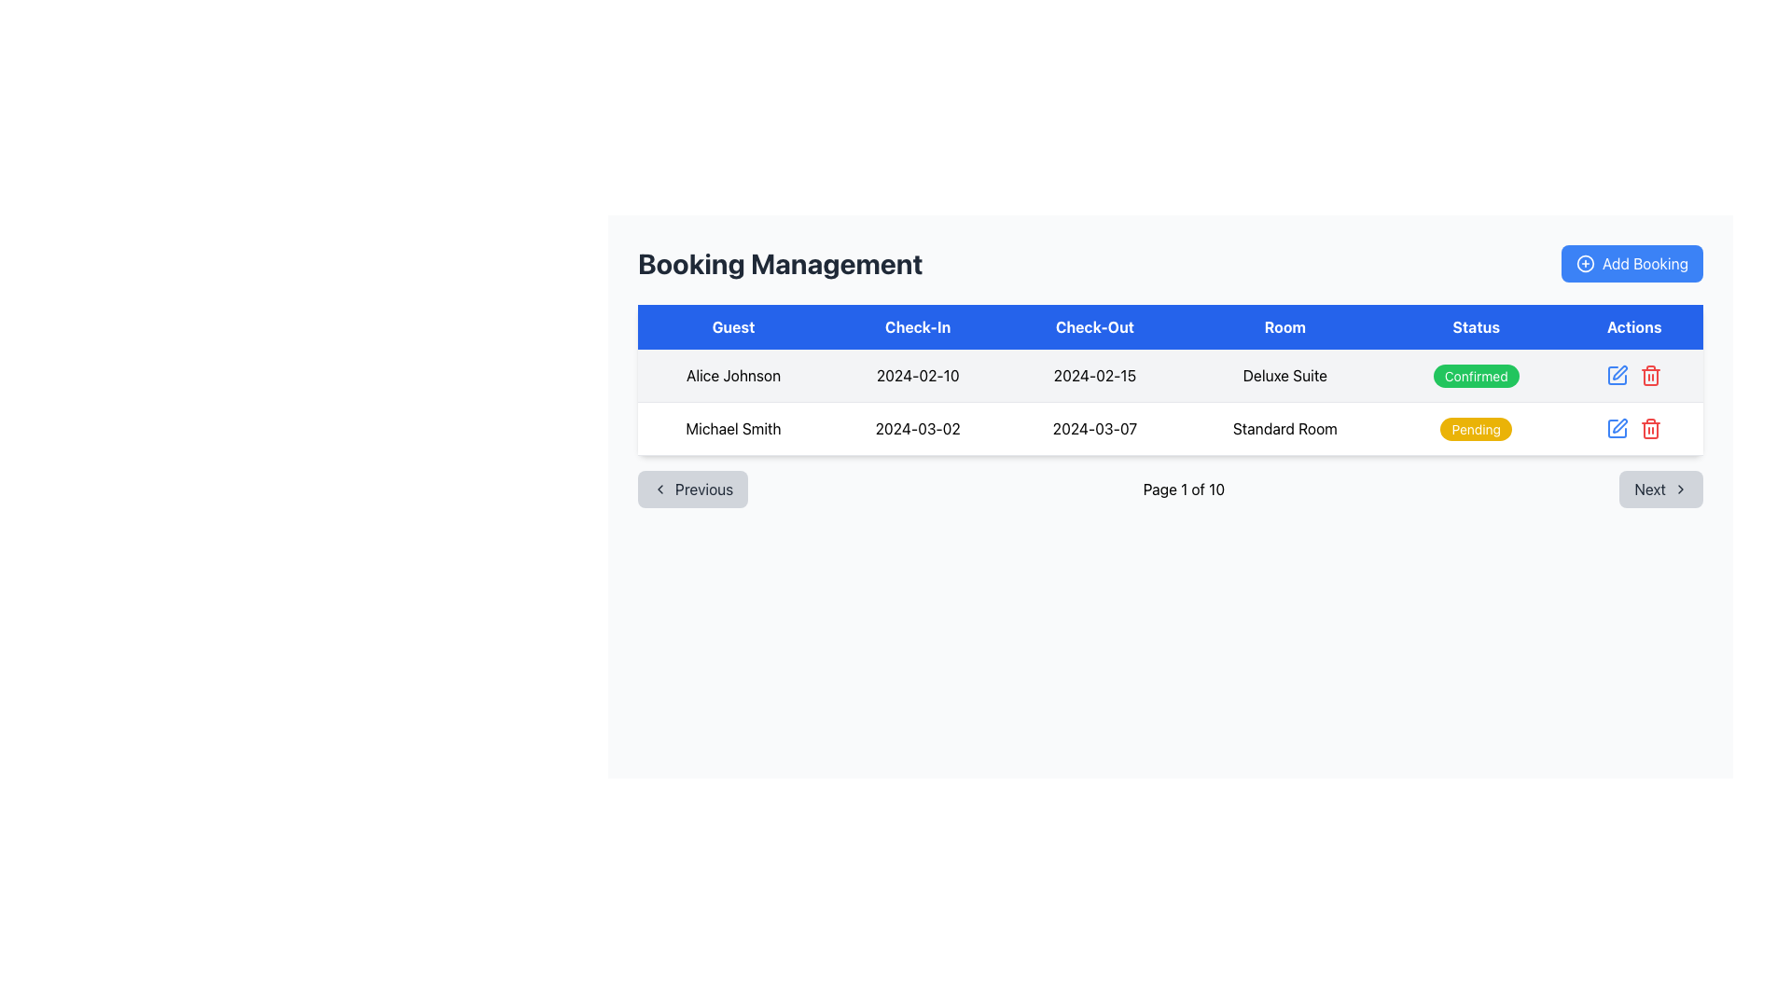  I want to click on the static text field displaying the check-in date for a booking entry, located under the 'Check-In' header in the table, adjacent to 'Alice Johnson' and '2024-02-15', so click(918, 376).